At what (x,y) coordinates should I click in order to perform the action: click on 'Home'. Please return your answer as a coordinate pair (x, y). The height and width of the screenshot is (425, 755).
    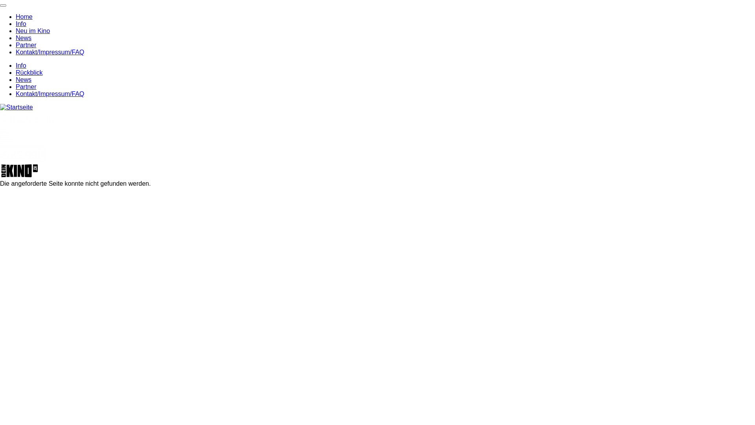
    Looking at the image, I should click on (24, 17).